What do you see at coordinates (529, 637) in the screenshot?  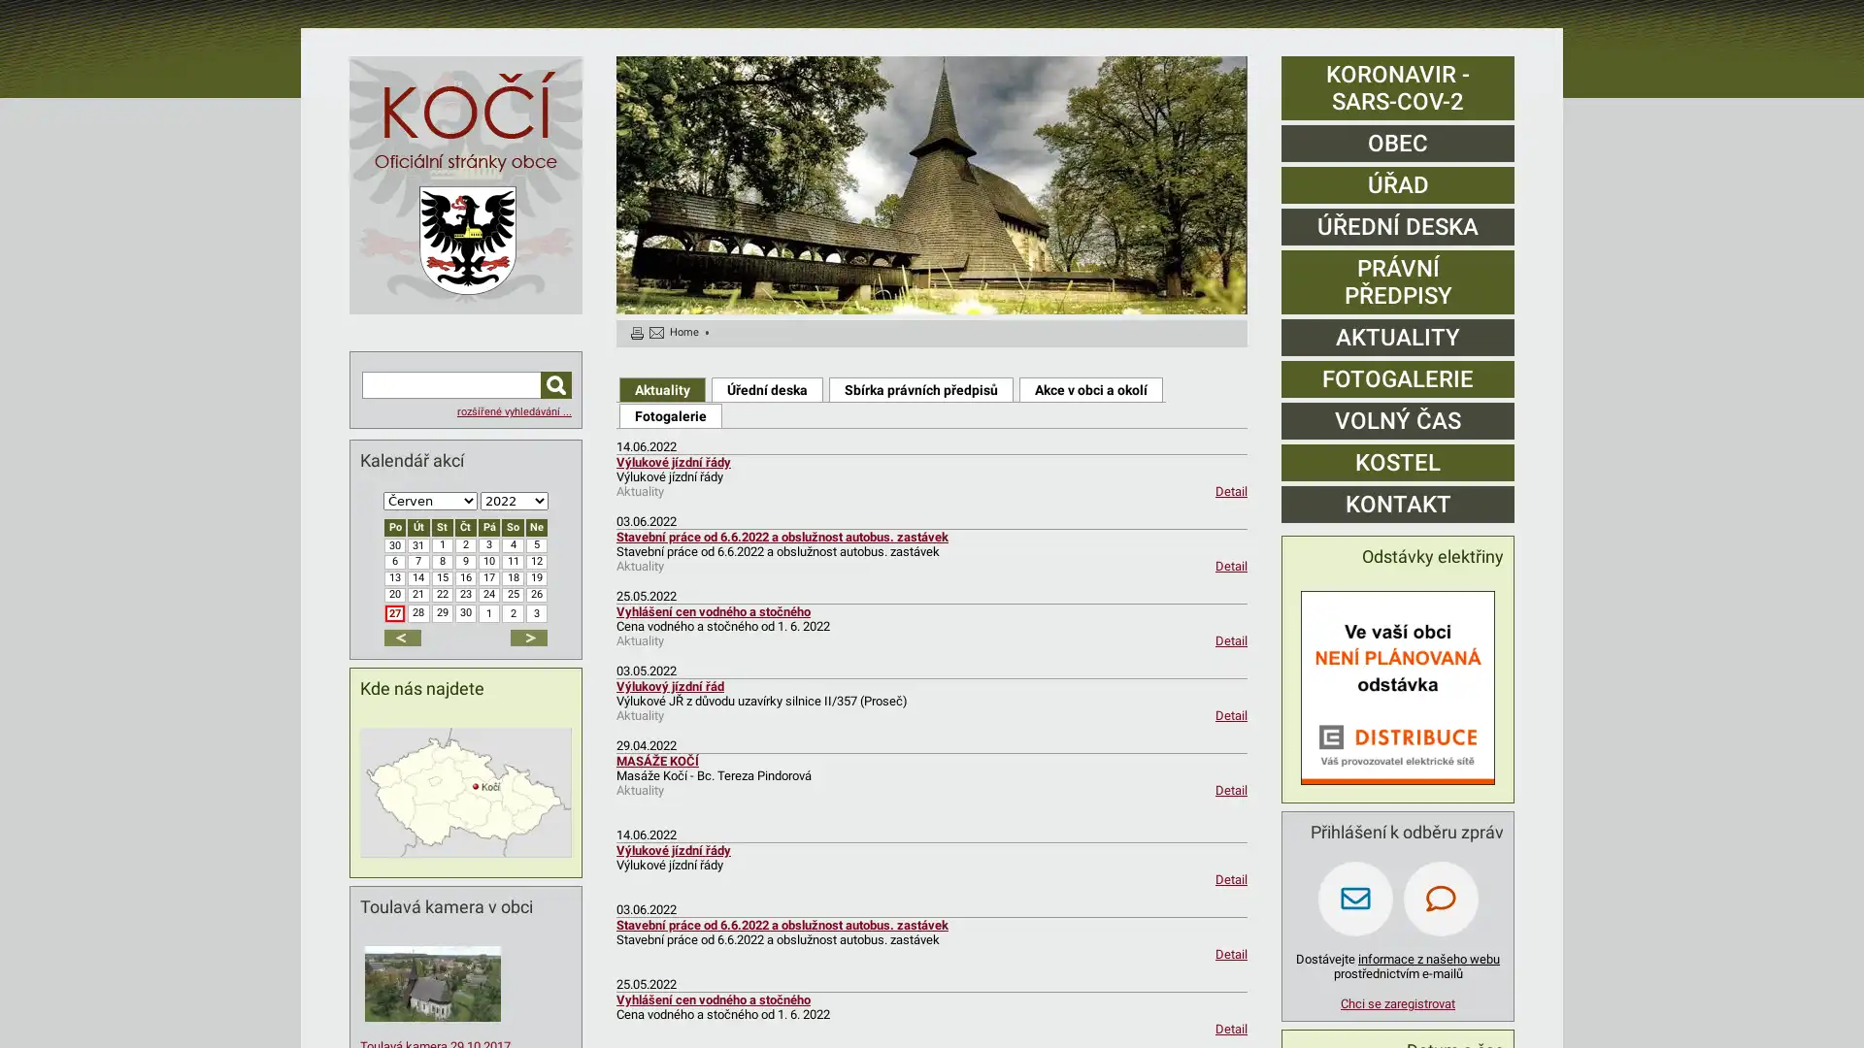 I see `dalsi` at bounding box center [529, 637].